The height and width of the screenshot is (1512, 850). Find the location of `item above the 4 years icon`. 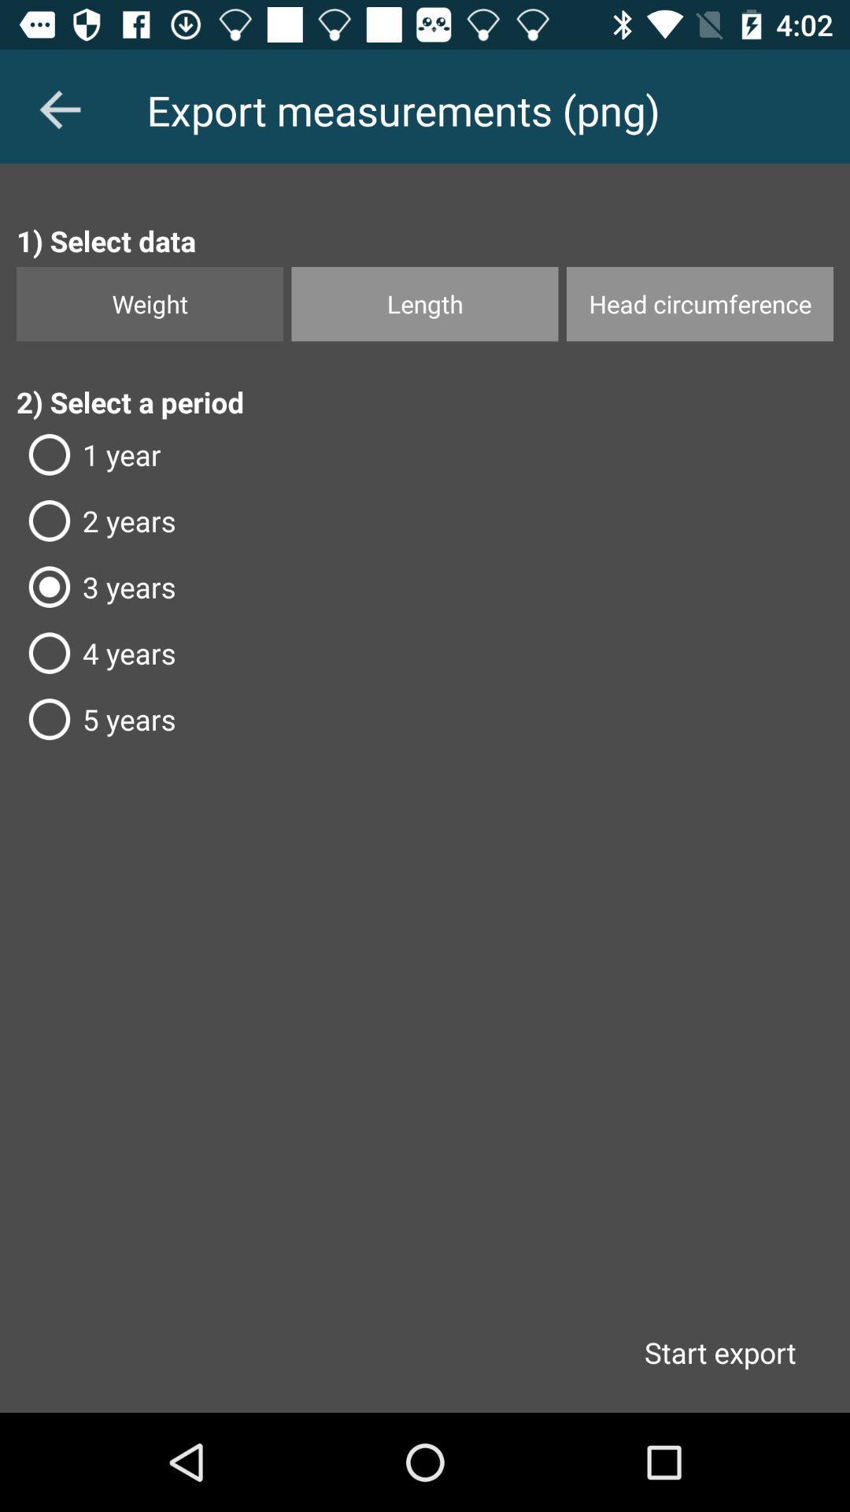

item above the 4 years icon is located at coordinates (425, 586).